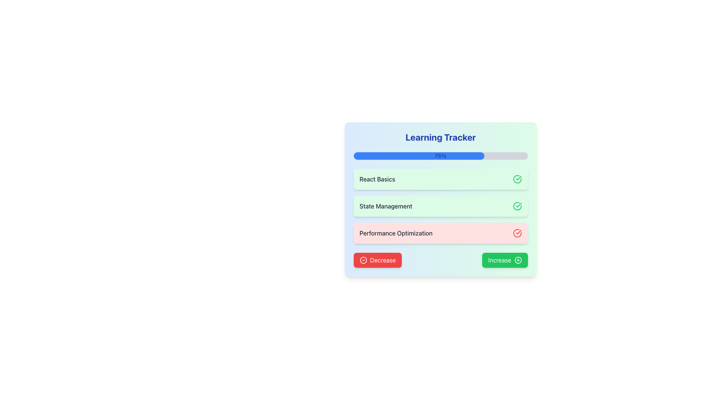  I want to click on the circular red icon with a minus sign located on the left side of the 'Decrease' button near the text label 'Decrease', so click(363, 260).